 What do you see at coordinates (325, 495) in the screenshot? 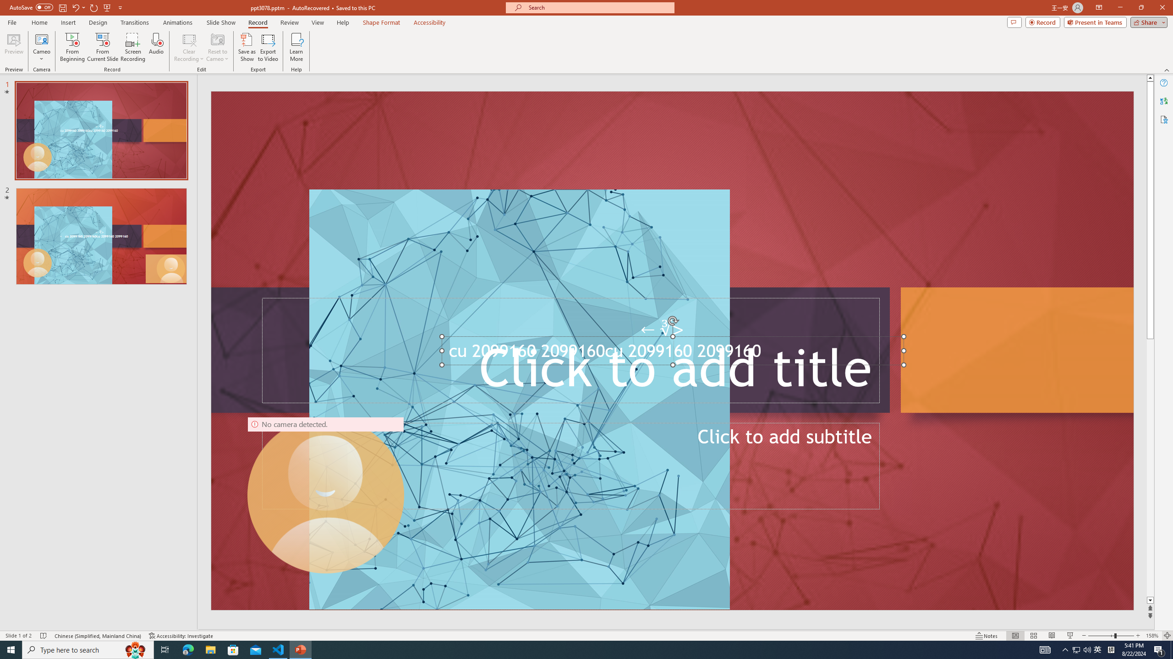
I see `'Camera 9, No camera detected.'` at bounding box center [325, 495].